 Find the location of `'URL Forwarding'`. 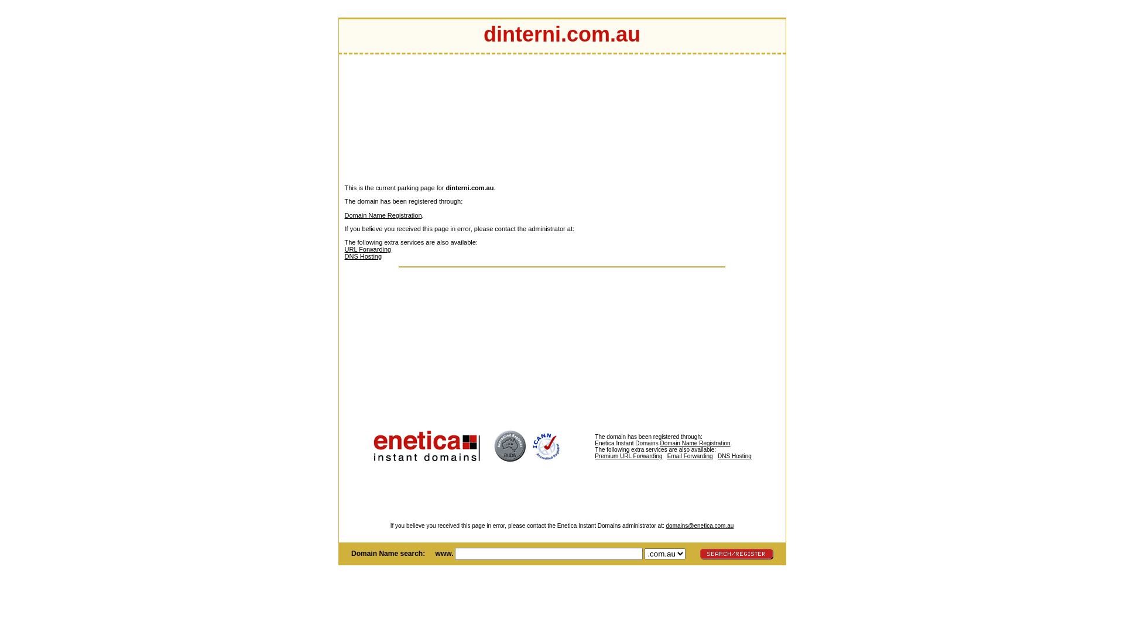

'URL Forwarding' is located at coordinates (367, 248).